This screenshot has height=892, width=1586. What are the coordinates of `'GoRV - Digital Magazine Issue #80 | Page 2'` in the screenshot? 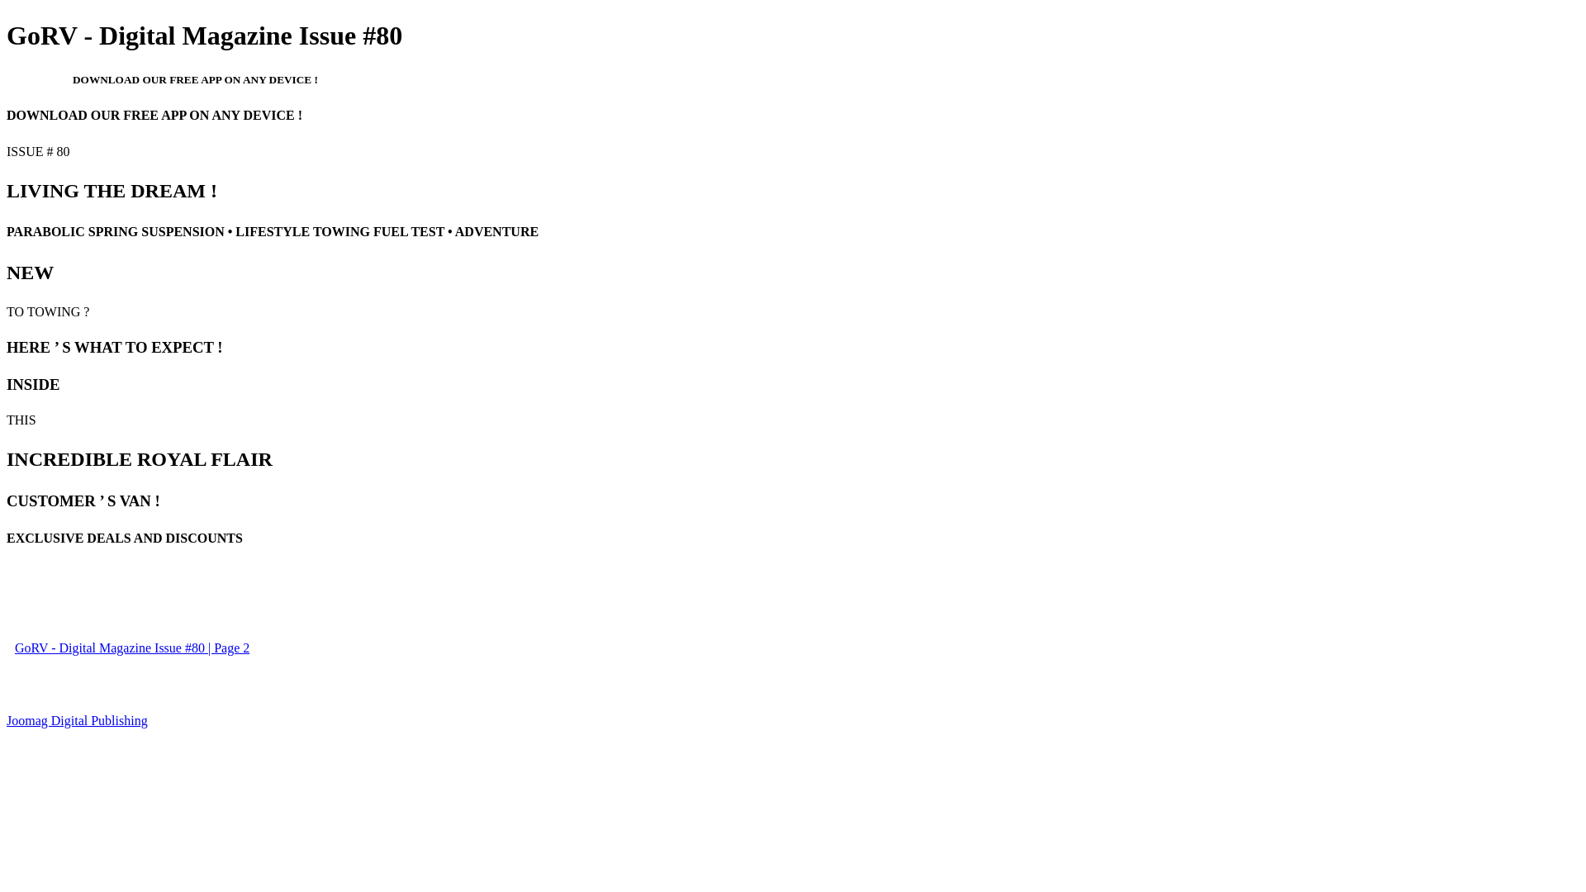 It's located at (131, 647).